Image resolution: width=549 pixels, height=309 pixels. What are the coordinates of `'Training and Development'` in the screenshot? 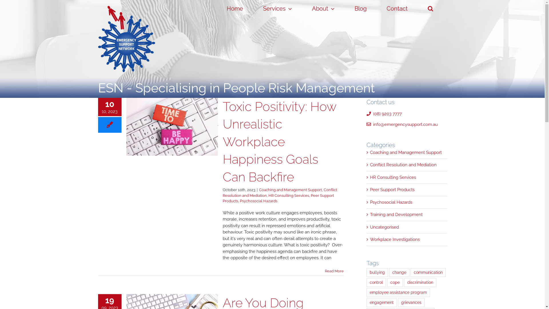 It's located at (407, 215).